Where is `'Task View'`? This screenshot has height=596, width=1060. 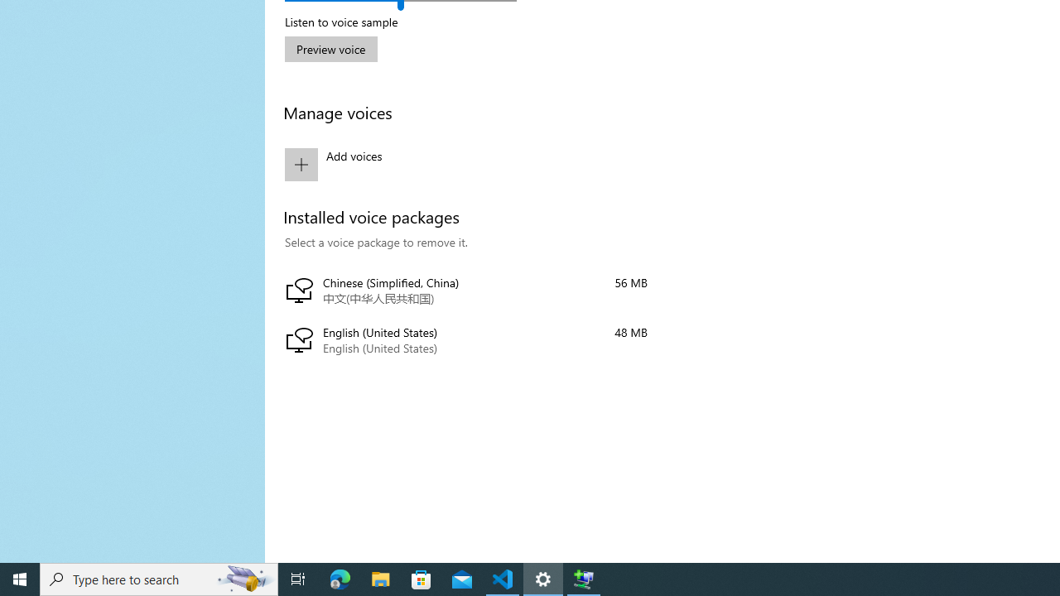 'Task View' is located at coordinates (297, 578).